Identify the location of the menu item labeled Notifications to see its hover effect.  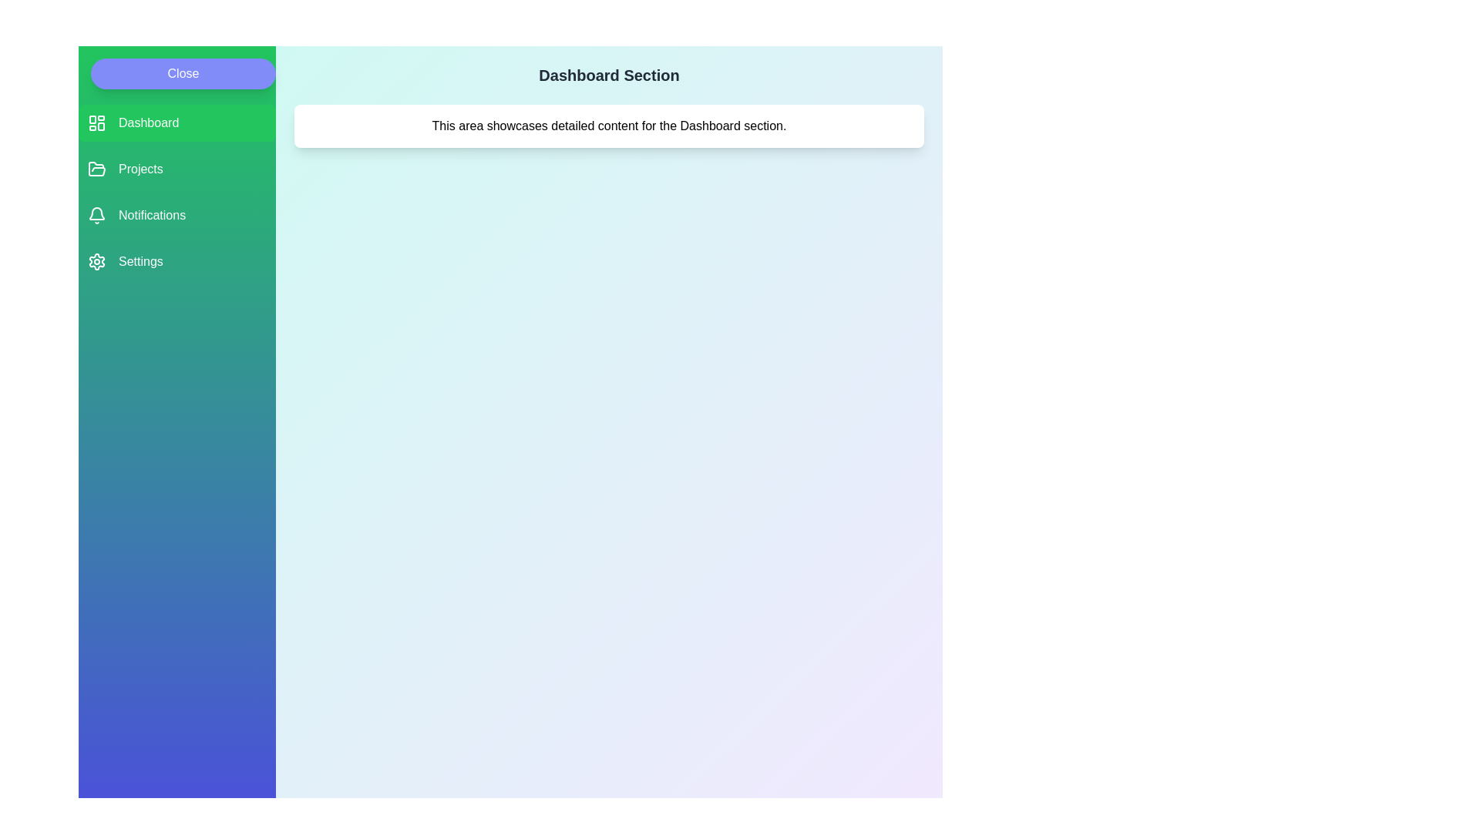
(177, 216).